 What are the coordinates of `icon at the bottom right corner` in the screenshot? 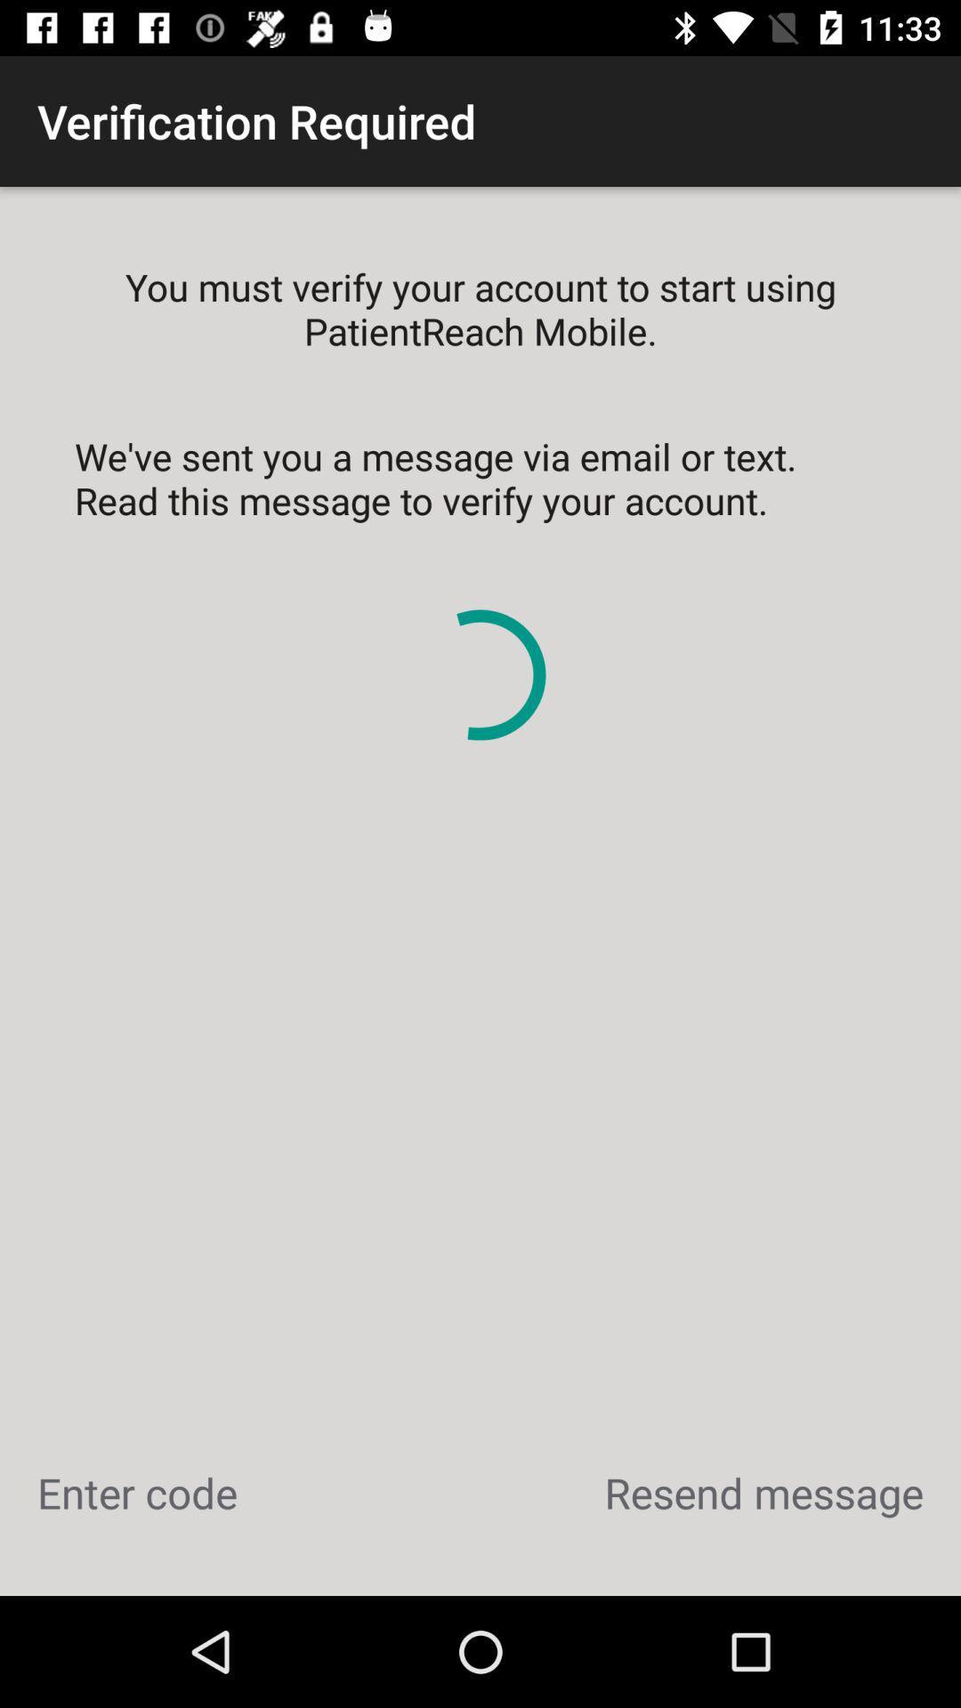 It's located at (763, 1493).